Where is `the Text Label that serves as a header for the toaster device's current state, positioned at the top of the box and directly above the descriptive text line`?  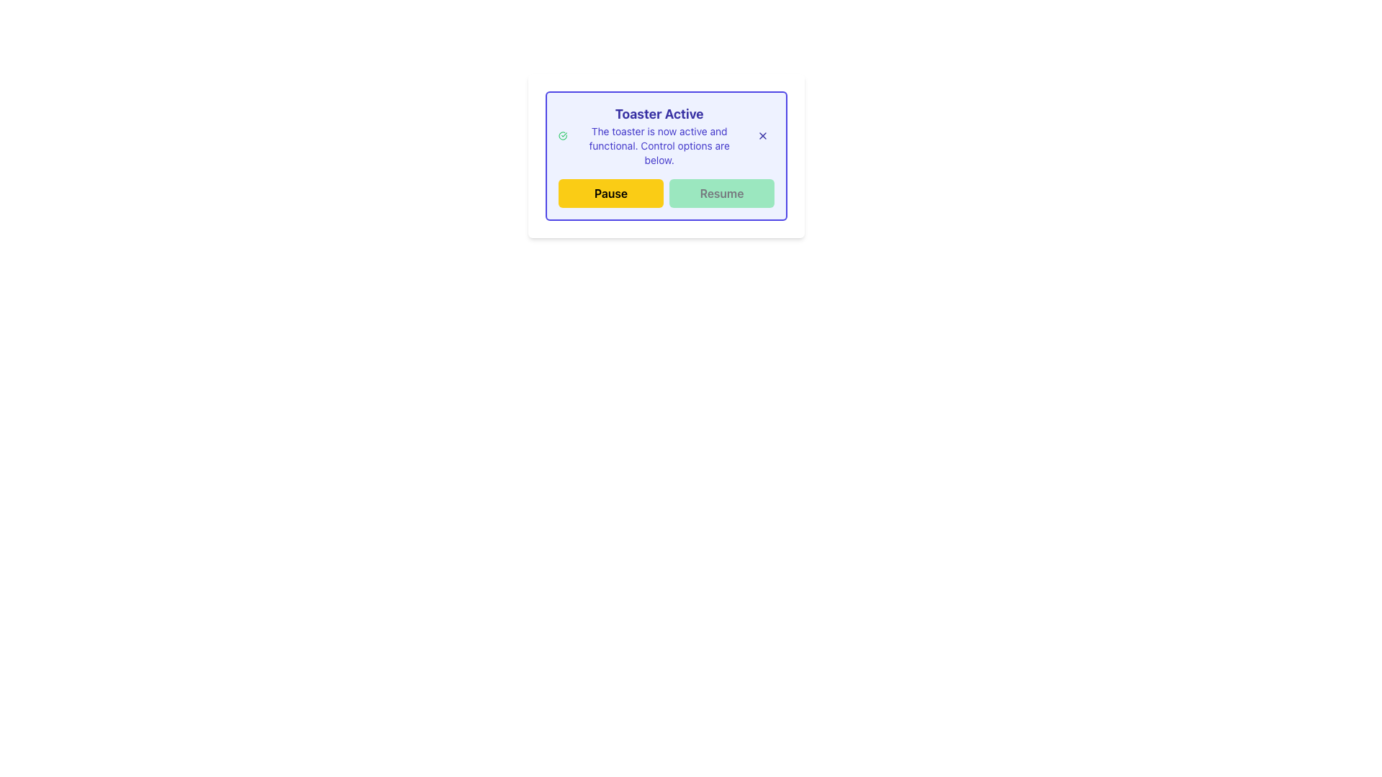 the Text Label that serves as a header for the toaster device's current state, positioned at the top of the box and directly above the descriptive text line is located at coordinates (659, 113).